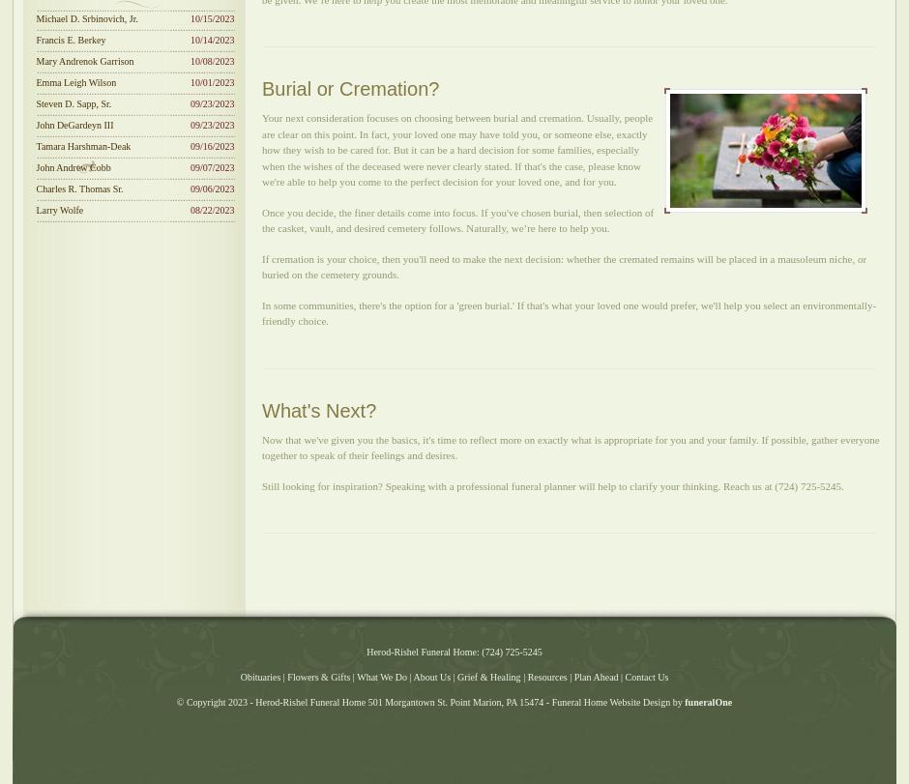  What do you see at coordinates (594, 676) in the screenshot?
I see `'Plan Ahead'` at bounding box center [594, 676].